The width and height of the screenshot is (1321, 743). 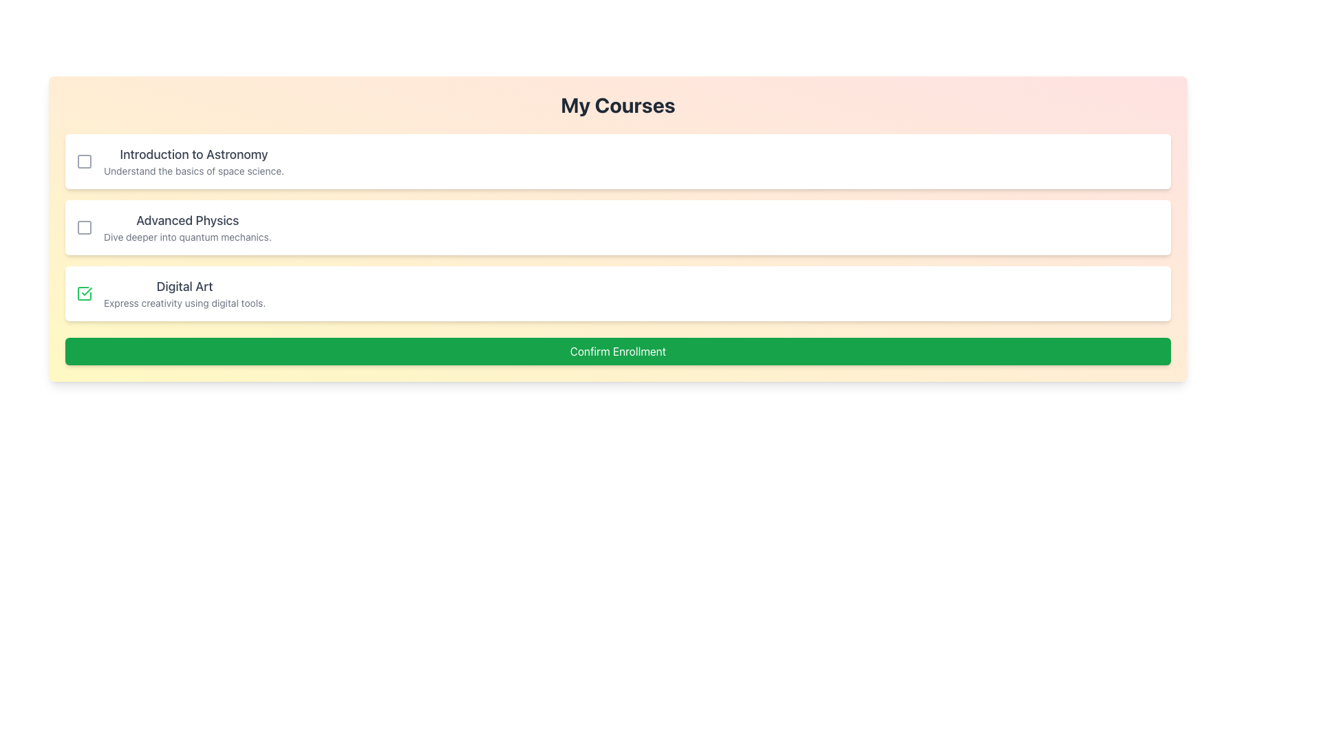 What do you see at coordinates (84, 161) in the screenshot?
I see `the checkbox located near the bold heading 'Introduction to Astronomy', which is a small square shape with rounded corners, styled with a border and no interior color` at bounding box center [84, 161].